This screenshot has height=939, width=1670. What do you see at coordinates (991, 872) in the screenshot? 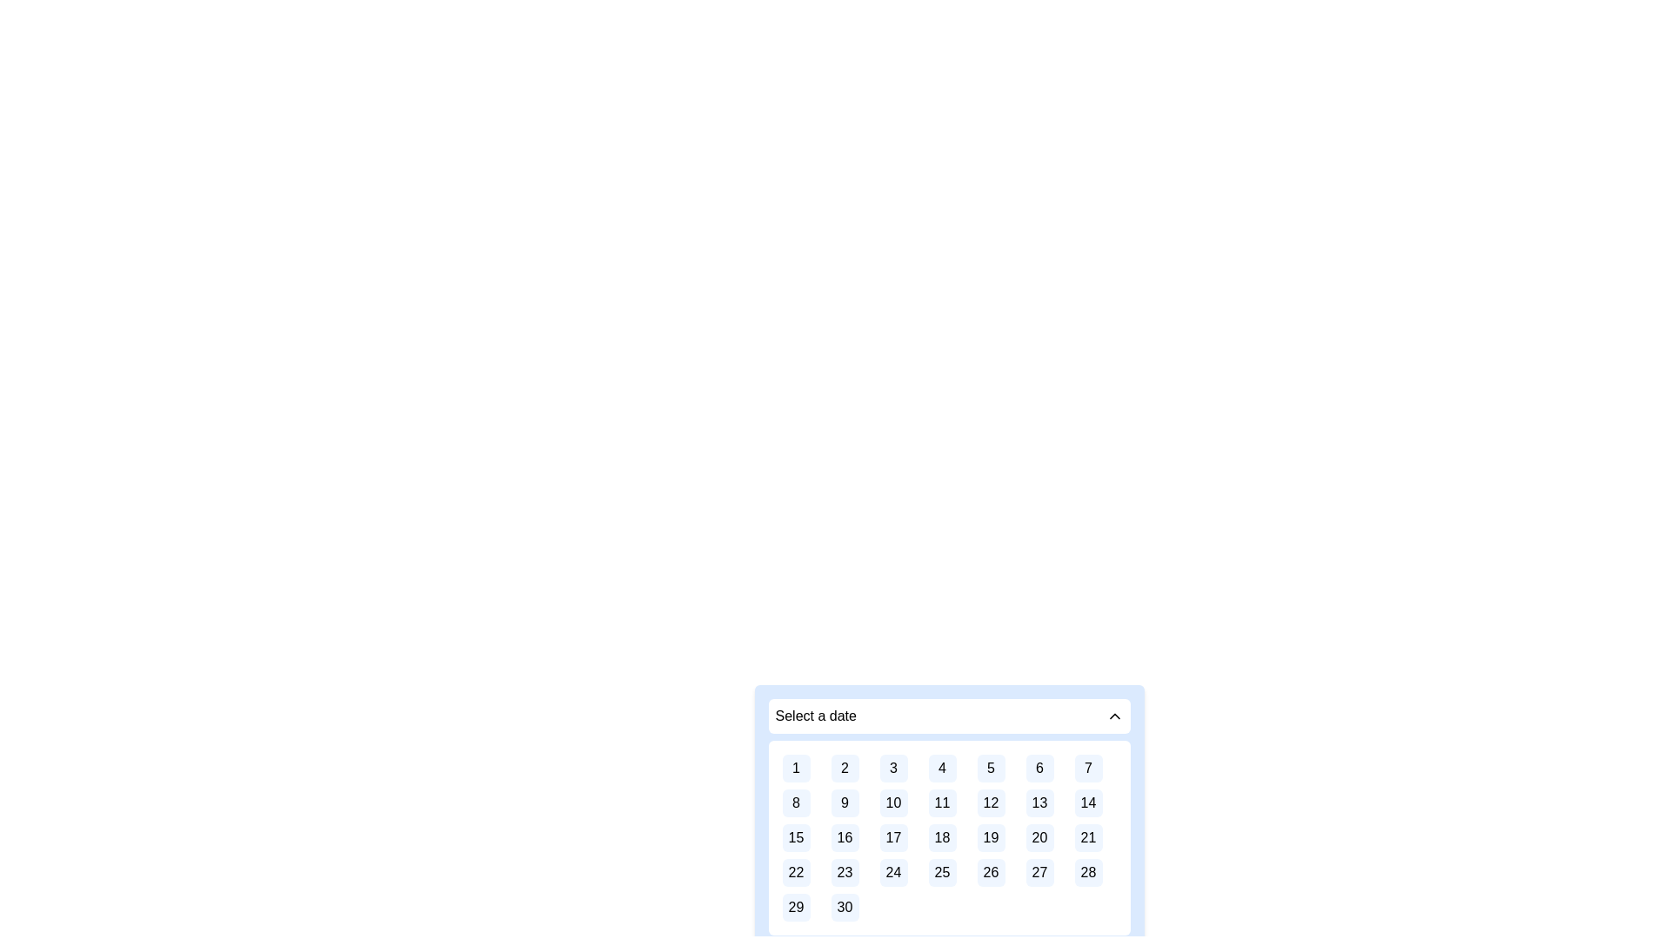
I see `the square button with rounded corners, light blue background, and bold black text '26'` at bounding box center [991, 872].